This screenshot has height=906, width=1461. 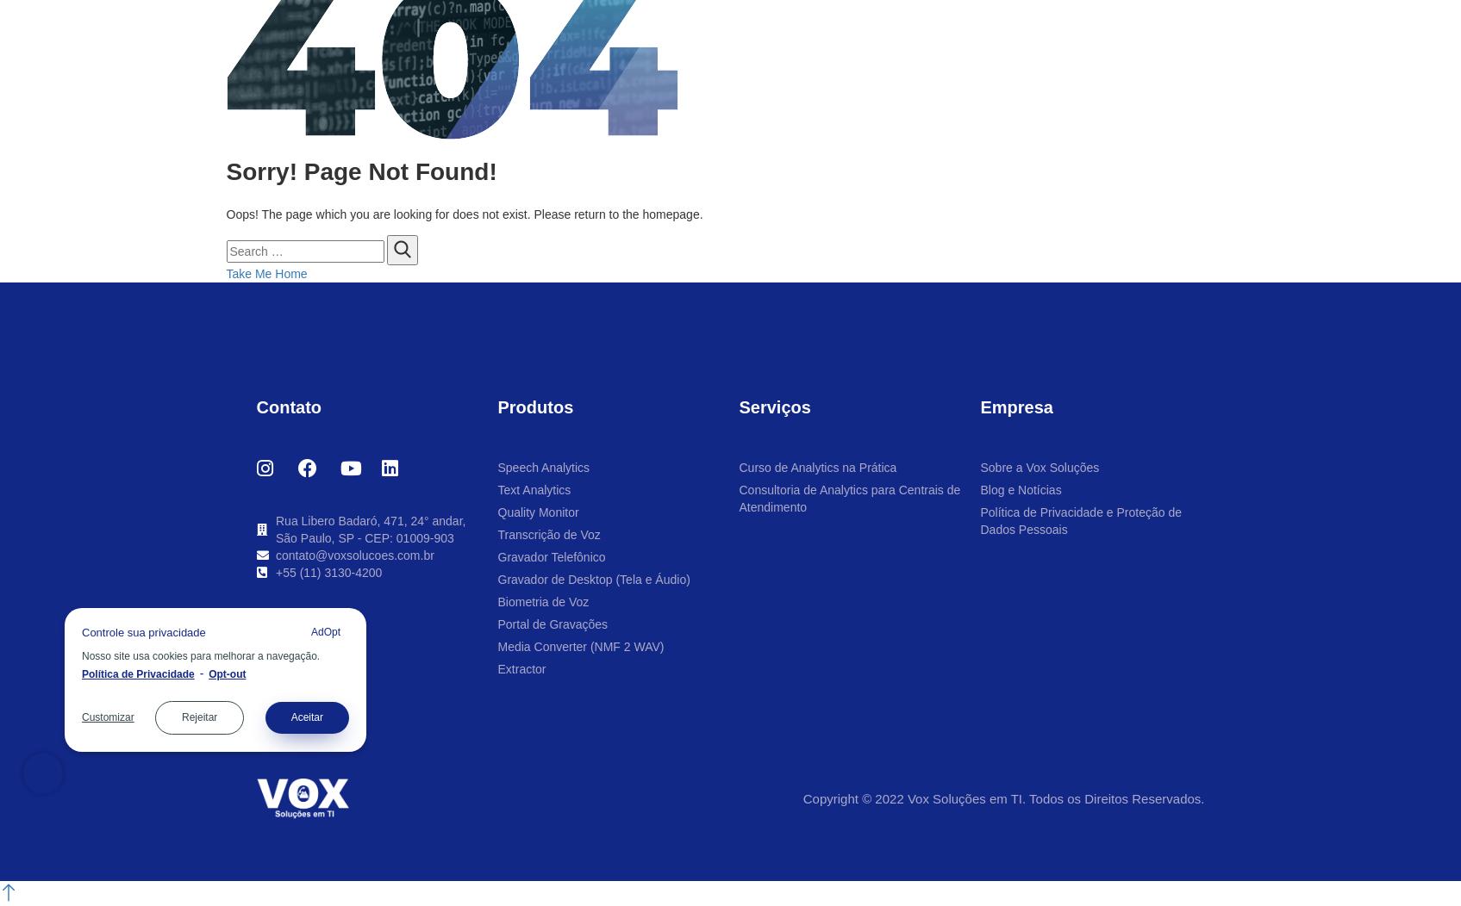 I want to click on 'Media Converter (NMF 2 WAV)', so click(x=580, y=644).